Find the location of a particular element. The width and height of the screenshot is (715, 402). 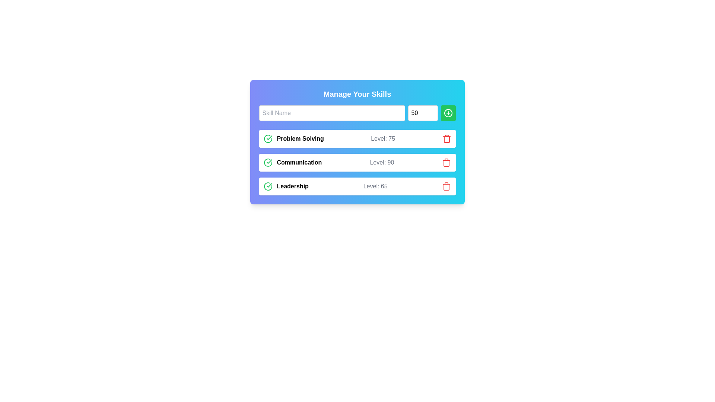

the trash can icon button, which represents the delete action for the 'Communication' skill entry, positioned adjacent to the text 'Level: 90' is located at coordinates (447, 162).